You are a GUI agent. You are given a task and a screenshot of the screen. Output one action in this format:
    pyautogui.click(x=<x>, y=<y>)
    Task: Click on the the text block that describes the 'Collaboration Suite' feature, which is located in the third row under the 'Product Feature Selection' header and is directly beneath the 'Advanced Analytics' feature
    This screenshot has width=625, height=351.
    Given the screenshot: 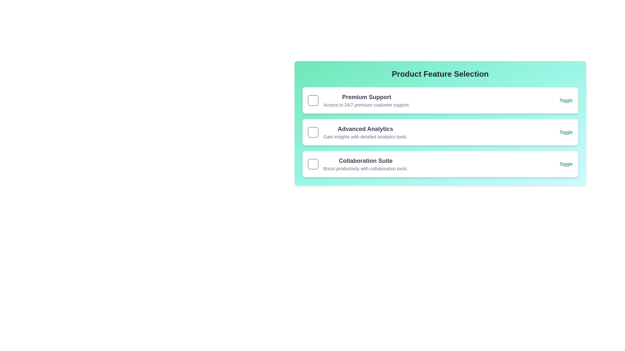 What is the action you would take?
    pyautogui.click(x=366, y=164)
    